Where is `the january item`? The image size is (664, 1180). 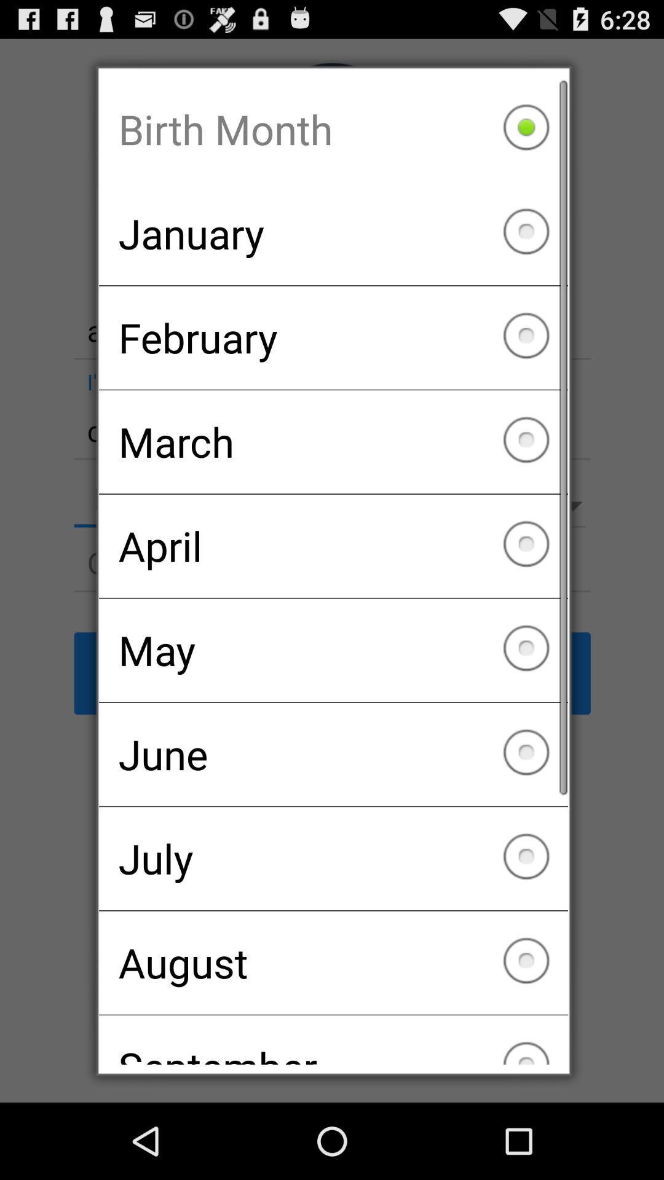
the january item is located at coordinates (333, 234).